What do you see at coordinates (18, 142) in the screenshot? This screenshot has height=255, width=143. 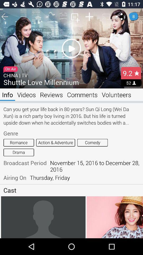 I see `romance icon` at bounding box center [18, 142].